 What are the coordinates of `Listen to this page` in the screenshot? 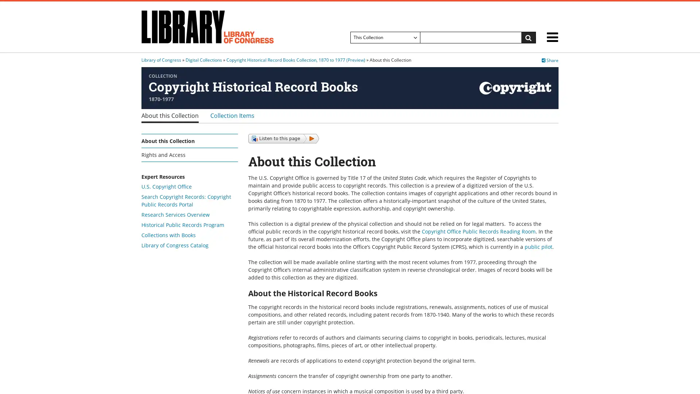 It's located at (283, 138).